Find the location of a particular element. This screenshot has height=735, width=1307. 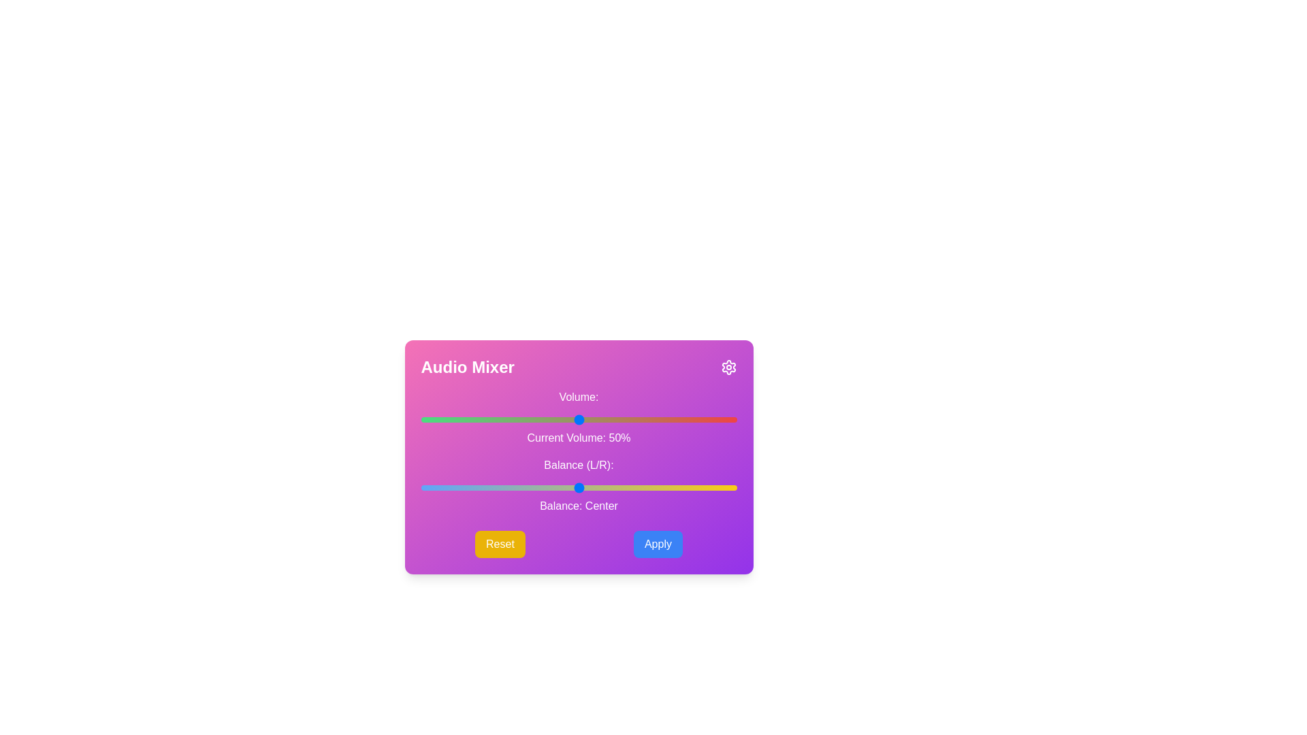

the balance slider to set the balance to -14 where balance is a value between -50 and 50 is located at coordinates (534, 487).